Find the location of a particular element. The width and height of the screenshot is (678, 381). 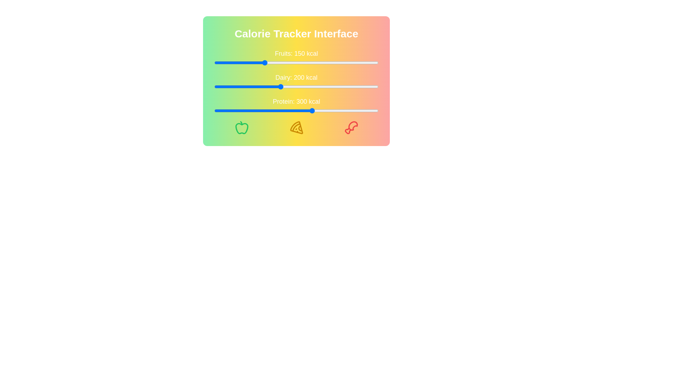

the calorie slider for 'Fruits' to 408 kcal is located at coordinates (348, 62).